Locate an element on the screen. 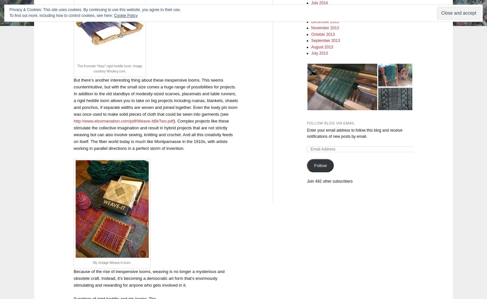  'Join 492 other subscribers' is located at coordinates (330, 181).